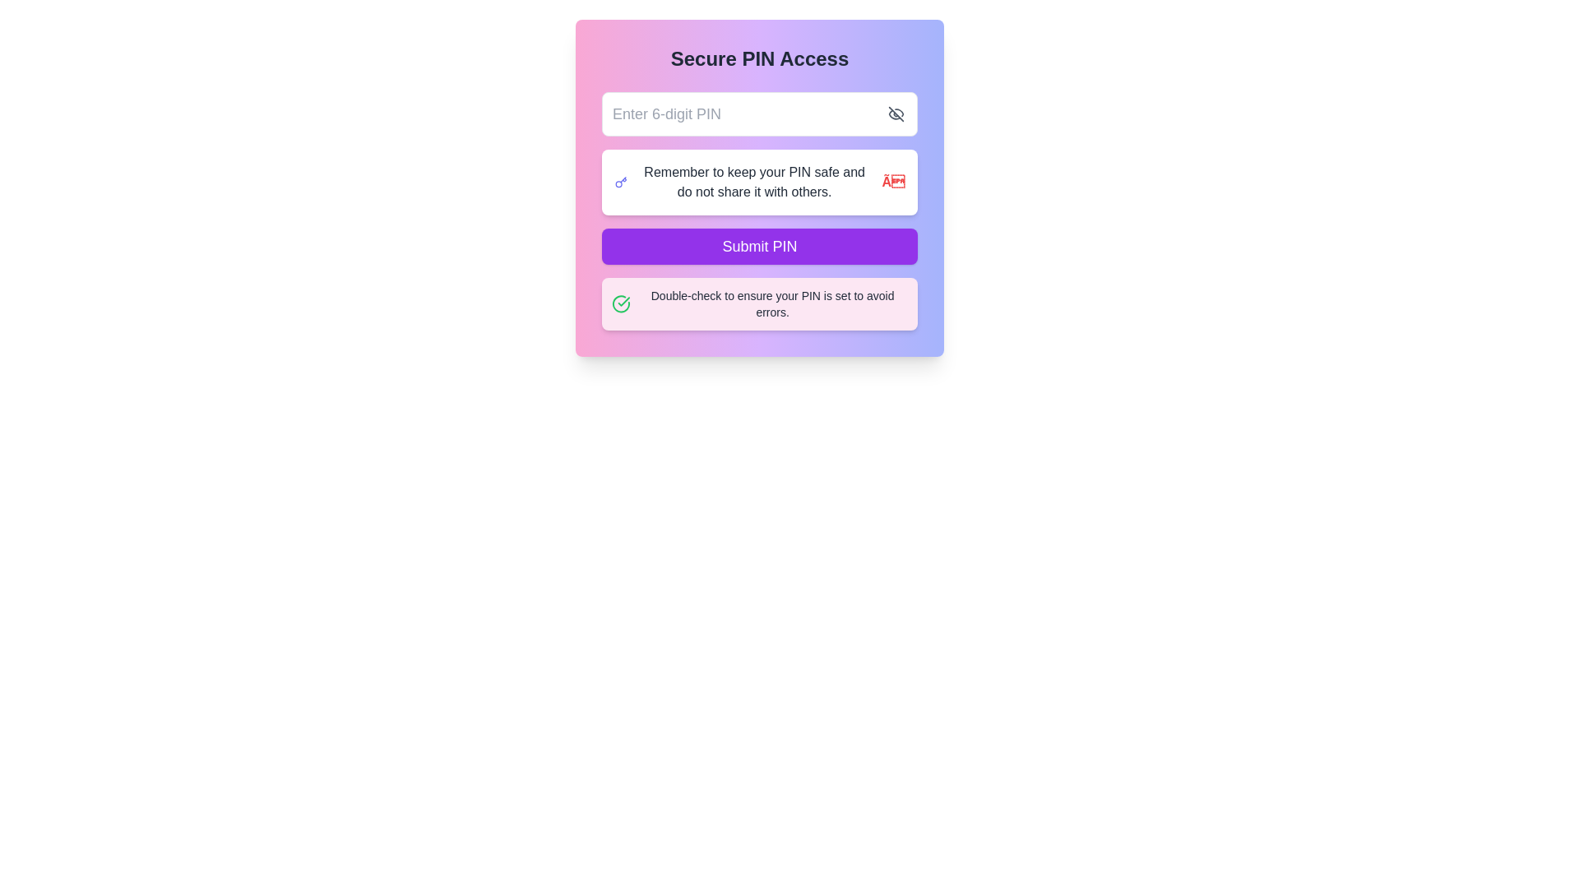 The width and height of the screenshot is (1579, 888). I want to click on the small gray eye icon with a strike-through line, positioned to the right of the 'Enter 6-digit PIN' input field, so click(895, 113).